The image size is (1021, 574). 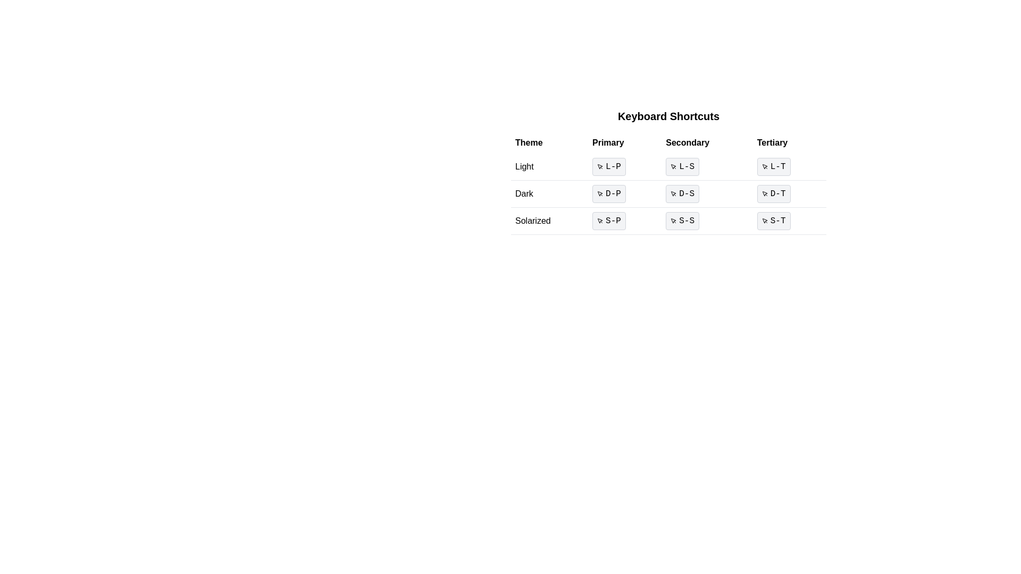 I want to click on the text label displaying 'S-P' located in the 'Solarized' row under the 'Primary' column, so click(x=613, y=221).